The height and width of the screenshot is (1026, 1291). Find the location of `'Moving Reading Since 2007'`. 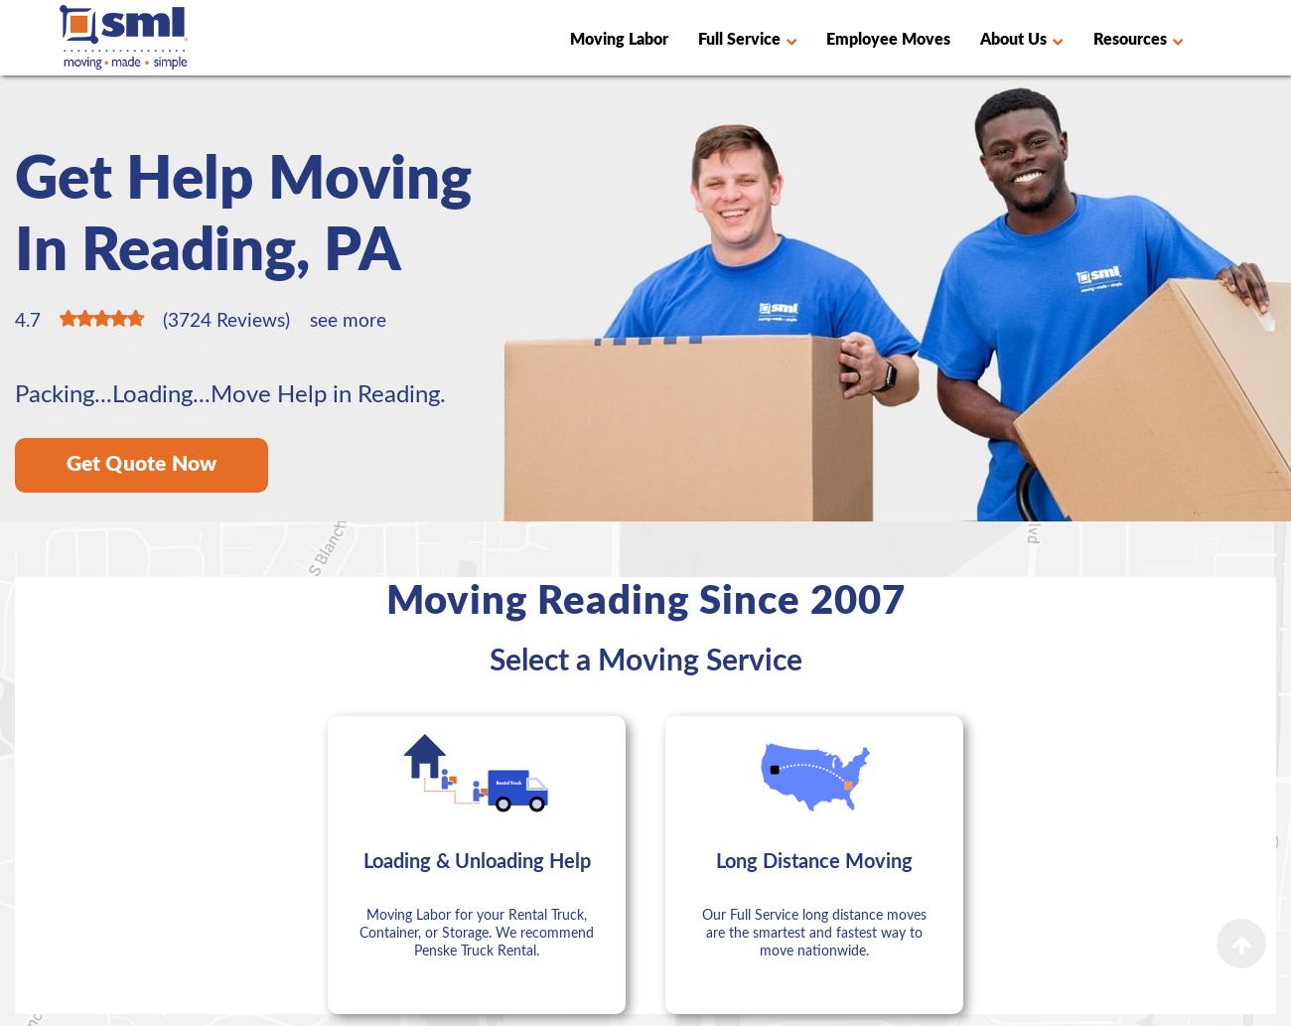

'Moving Reading Since 2007' is located at coordinates (385, 600).